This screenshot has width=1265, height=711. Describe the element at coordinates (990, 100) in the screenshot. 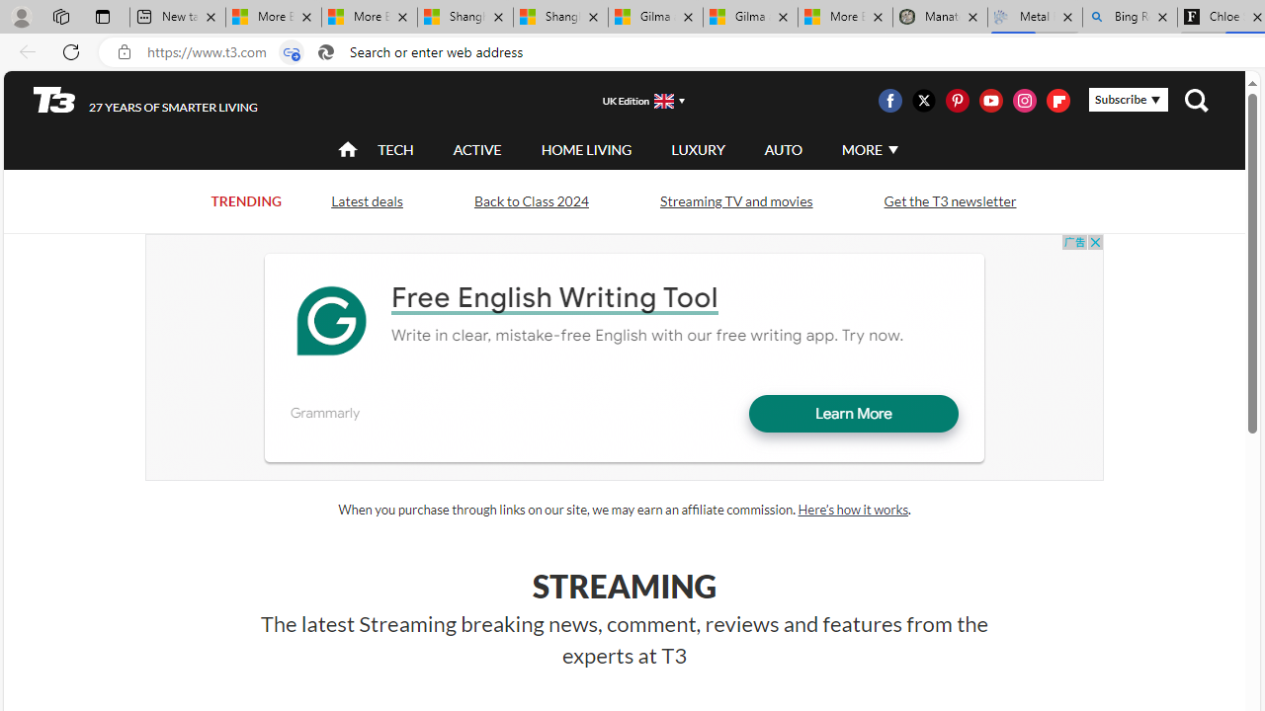

I see `'Visit us on Youtube'` at that location.